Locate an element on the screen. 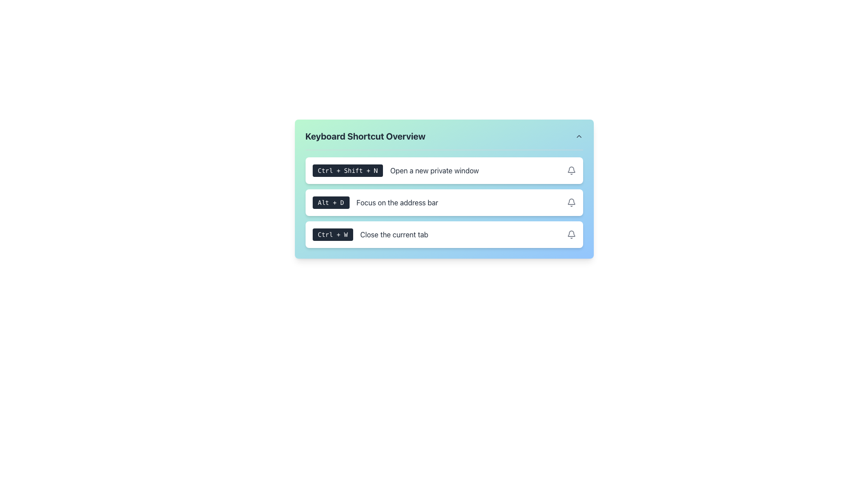 This screenshot has width=854, height=480. the Text Label that describes the function of the 'Ctrl + W' keyboard shortcut, which is located within the third card of the 'Keyboard Shortcut Overview' section is located at coordinates (394, 234).